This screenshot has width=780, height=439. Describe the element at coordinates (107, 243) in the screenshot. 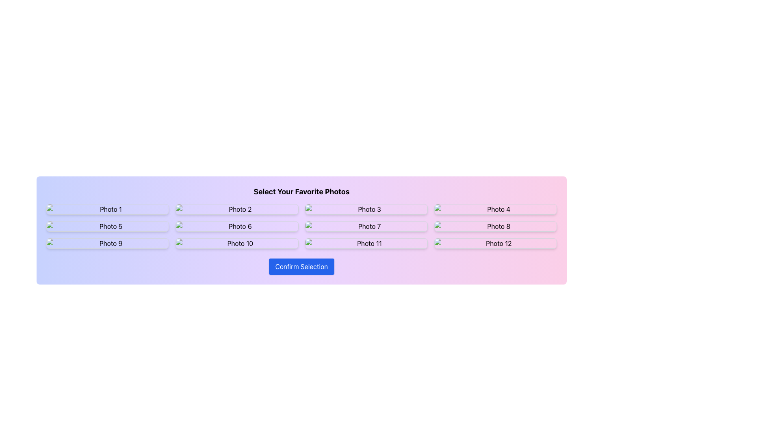

I see `the image placeholder in the grid layout that is located in the third row and first column, under 'Photo 5' and to the left of 'Photo 10'` at that location.